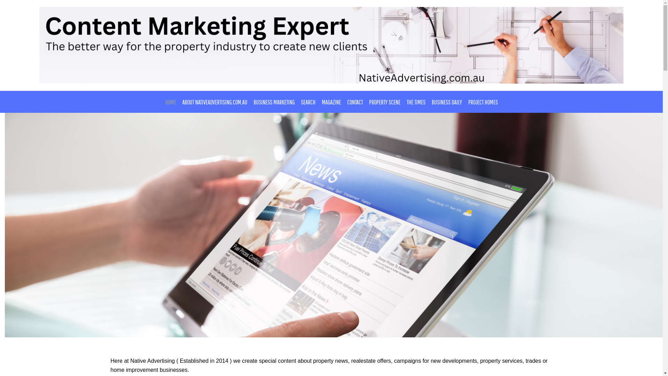 Image resolution: width=668 pixels, height=376 pixels. What do you see at coordinates (355, 102) in the screenshot?
I see `'CONTACT'` at bounding box center [355, 102].